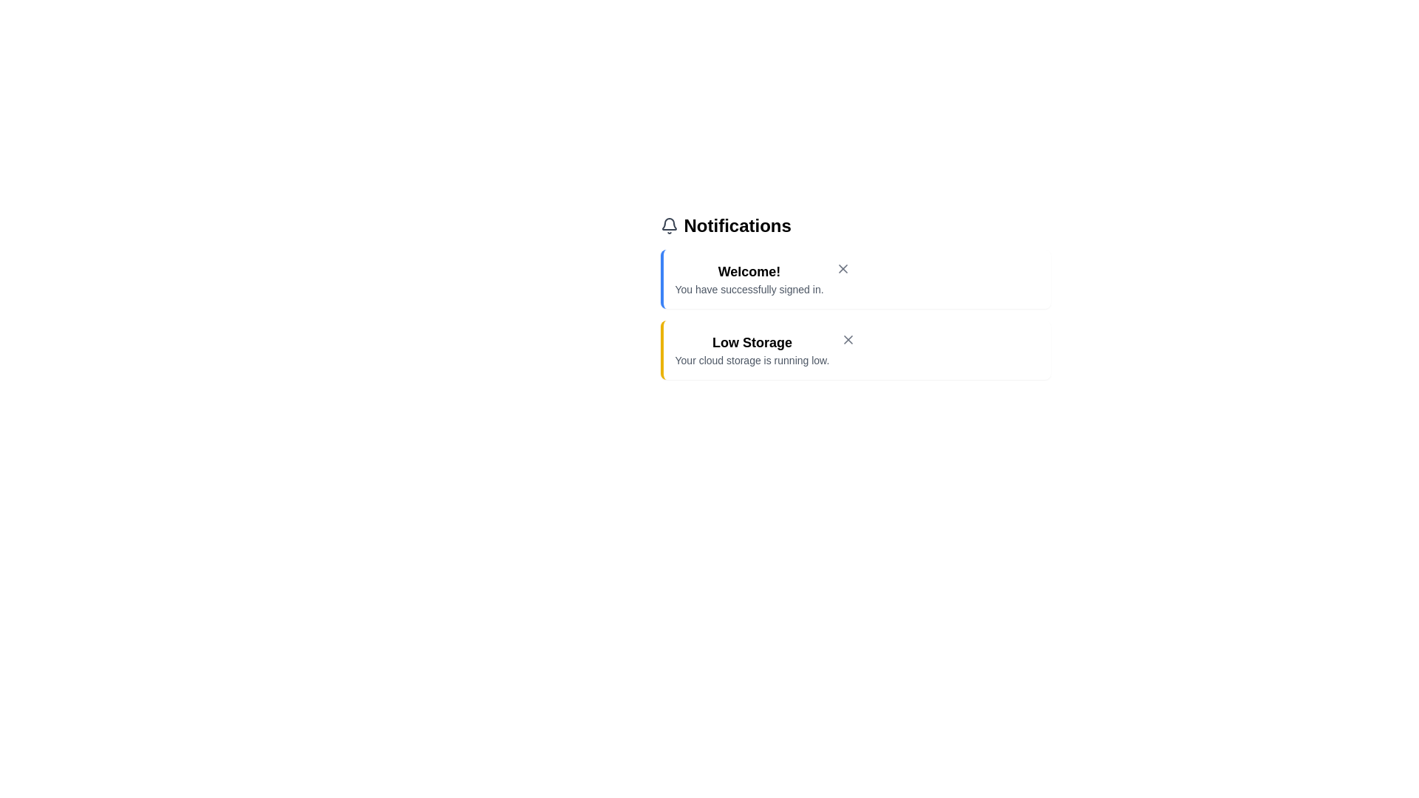  What do you see at coordinates (752, 361) in the screenshot?
I see `the text label that reads 'Your cloud storage is running low.', which is styled in a smaller, light gray font and is positioned directly below the bold title 'Low Storage'` at bounding box center [752, 361].